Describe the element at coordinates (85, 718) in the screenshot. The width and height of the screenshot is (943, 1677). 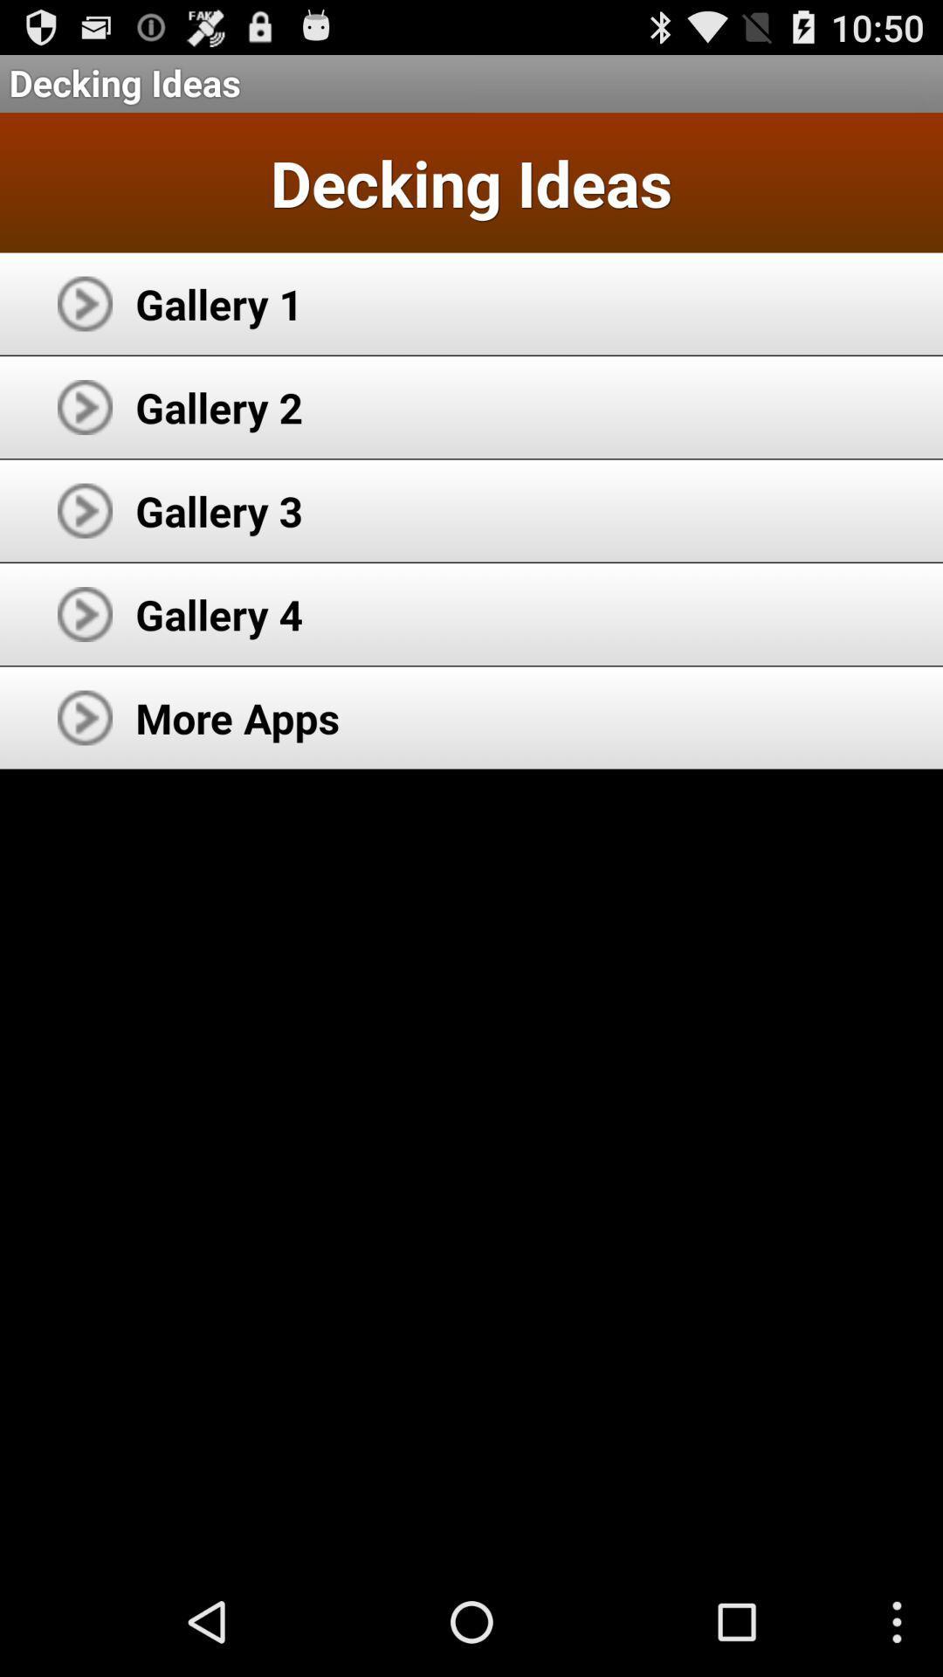
I see `the icon which is left to the more apps` at that location.